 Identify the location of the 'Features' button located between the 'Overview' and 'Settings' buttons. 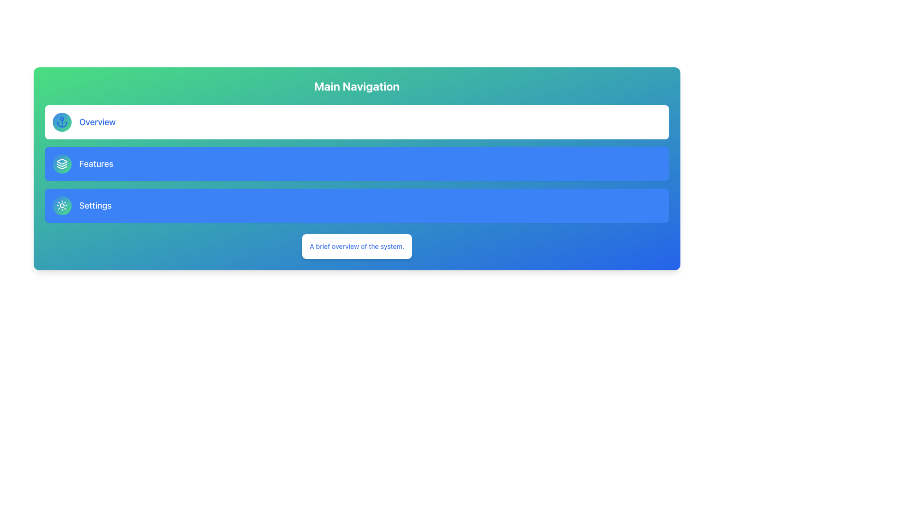
(356, 164).